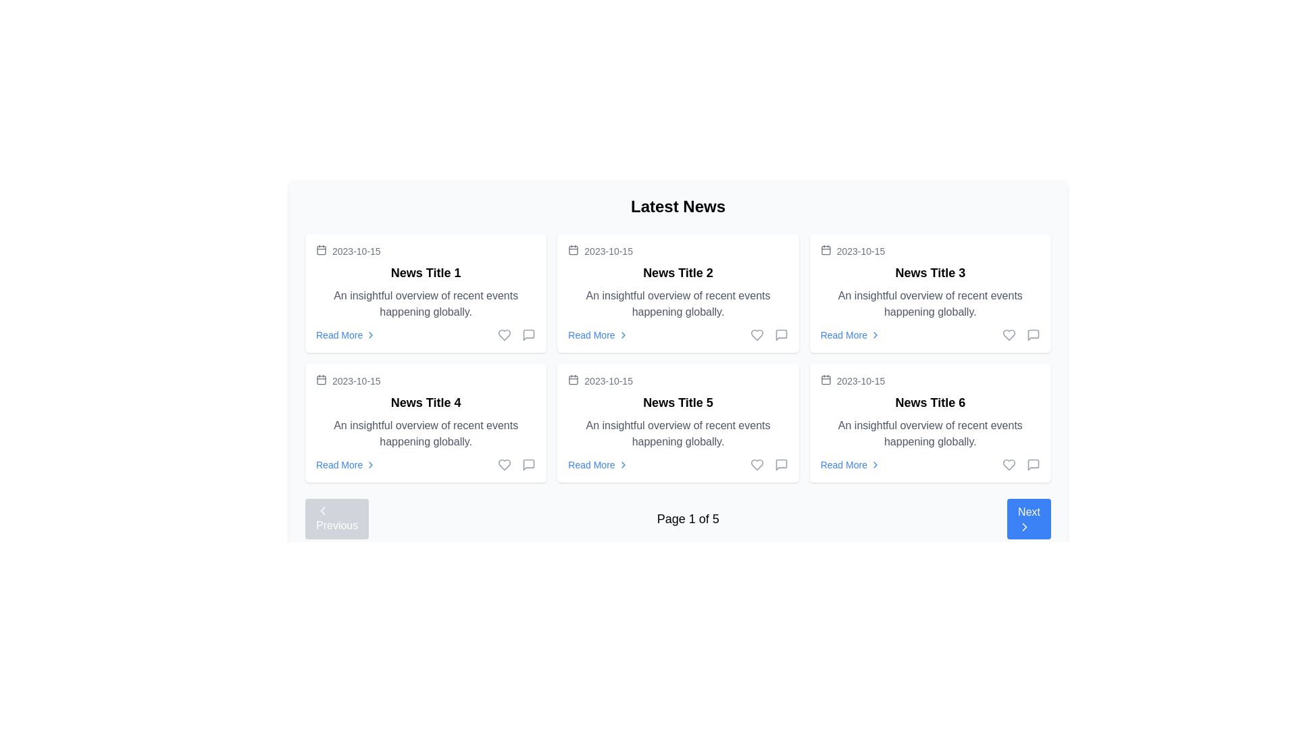 Image resolution: width=1297 pixels, height=730 pixels. What do you see at coordinates (1033, 335) in the screenshot?
I see `the gray speech bubble icon located in the bottom-right corner of the card displaying 'News Title 3'` at bounding box center [1033, 335].